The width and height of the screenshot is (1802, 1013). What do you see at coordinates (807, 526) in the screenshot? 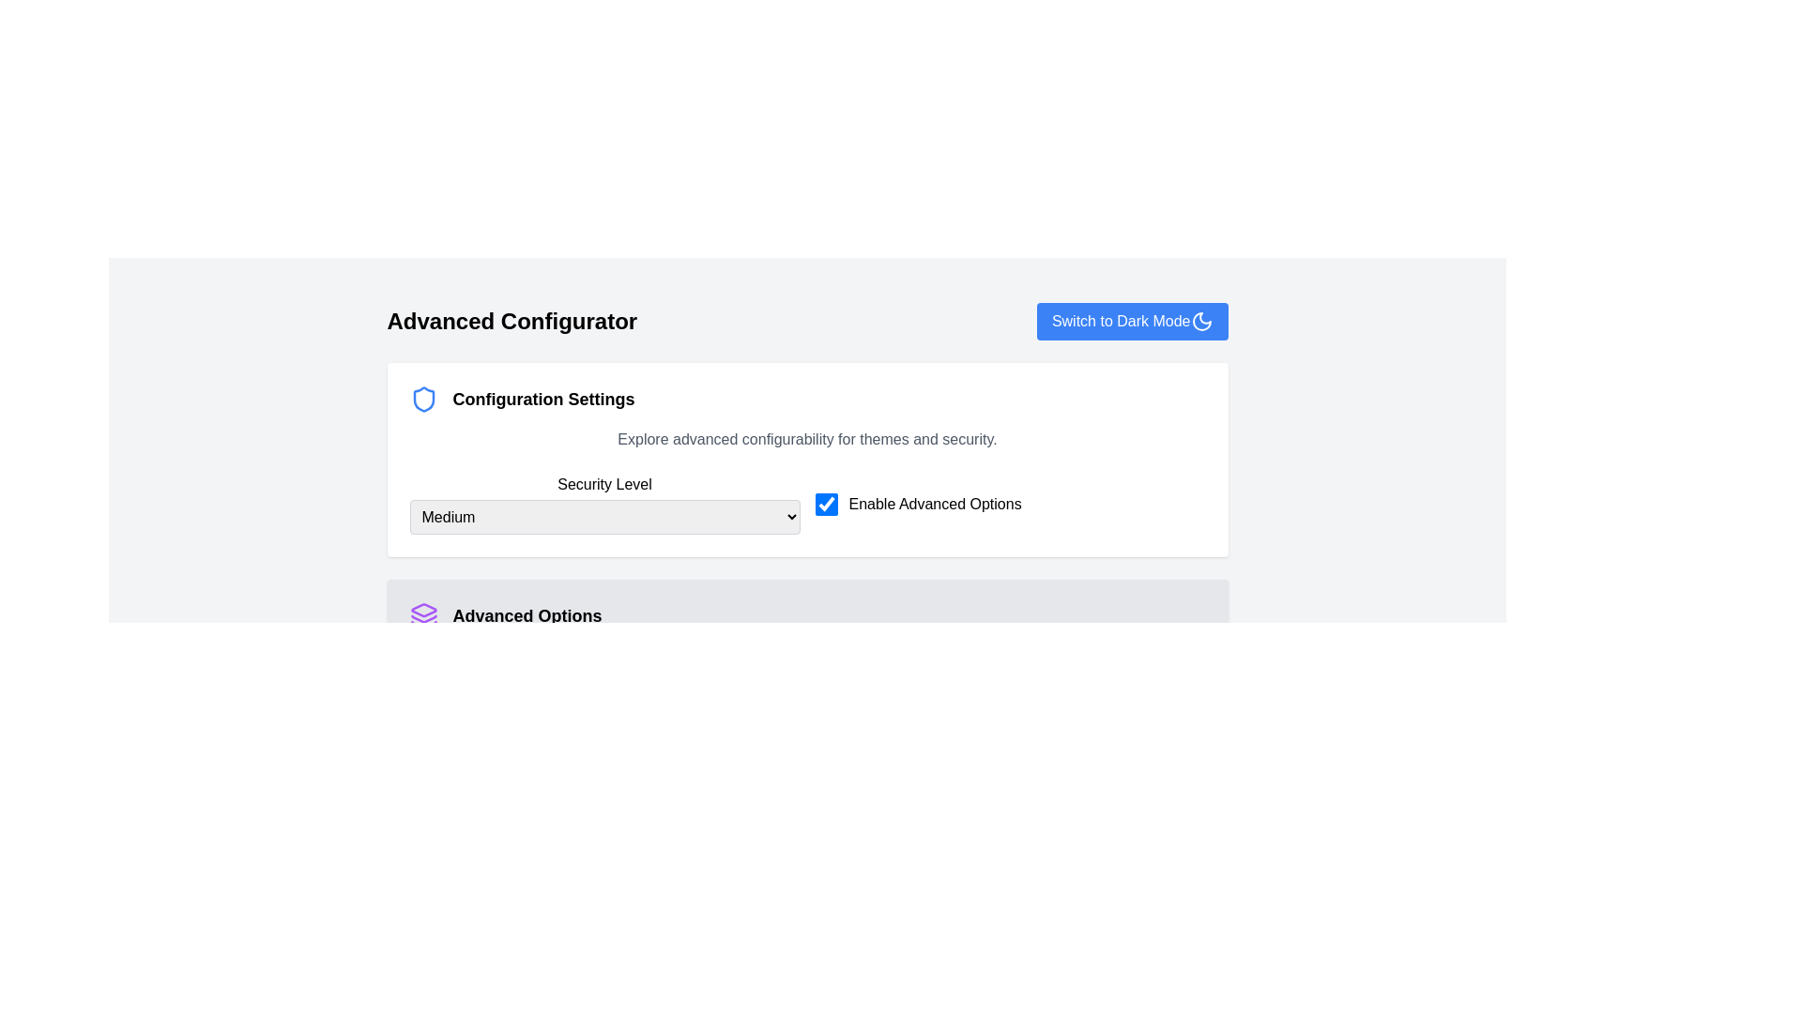
I see `the 'Security Level' dropdown menu in the 'Configuration Settings' section` at bounding box center [807, 526].